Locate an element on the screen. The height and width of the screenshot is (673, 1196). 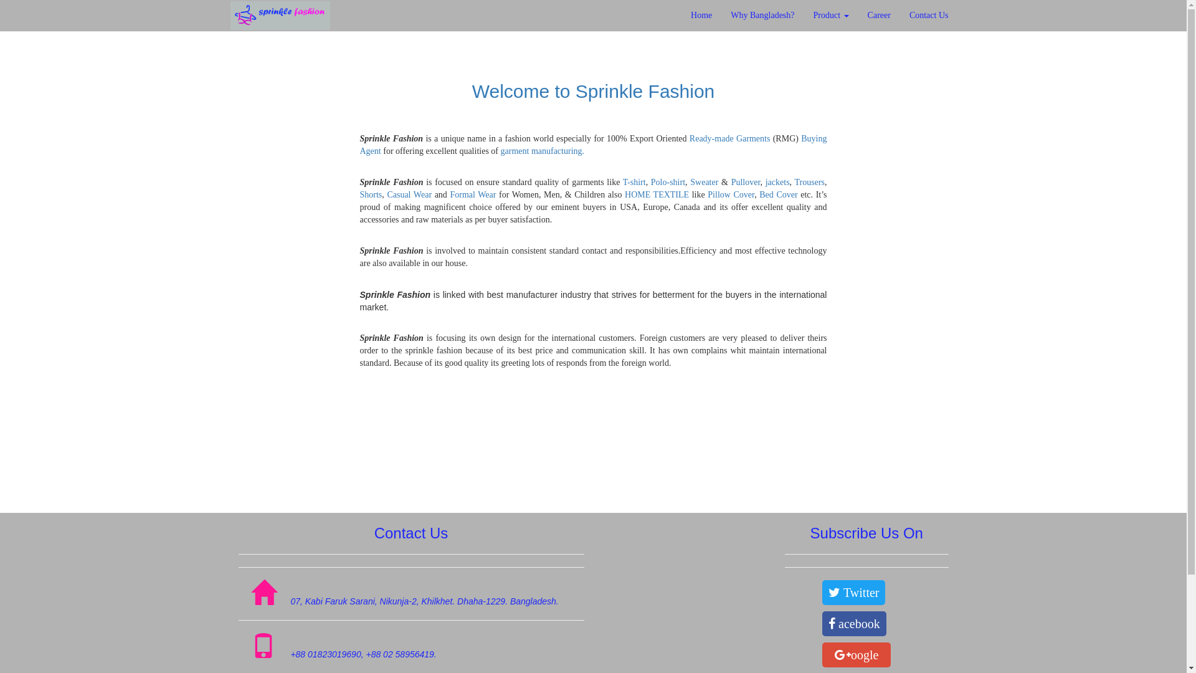
'Shorts' is located at coordinates (370, 194).